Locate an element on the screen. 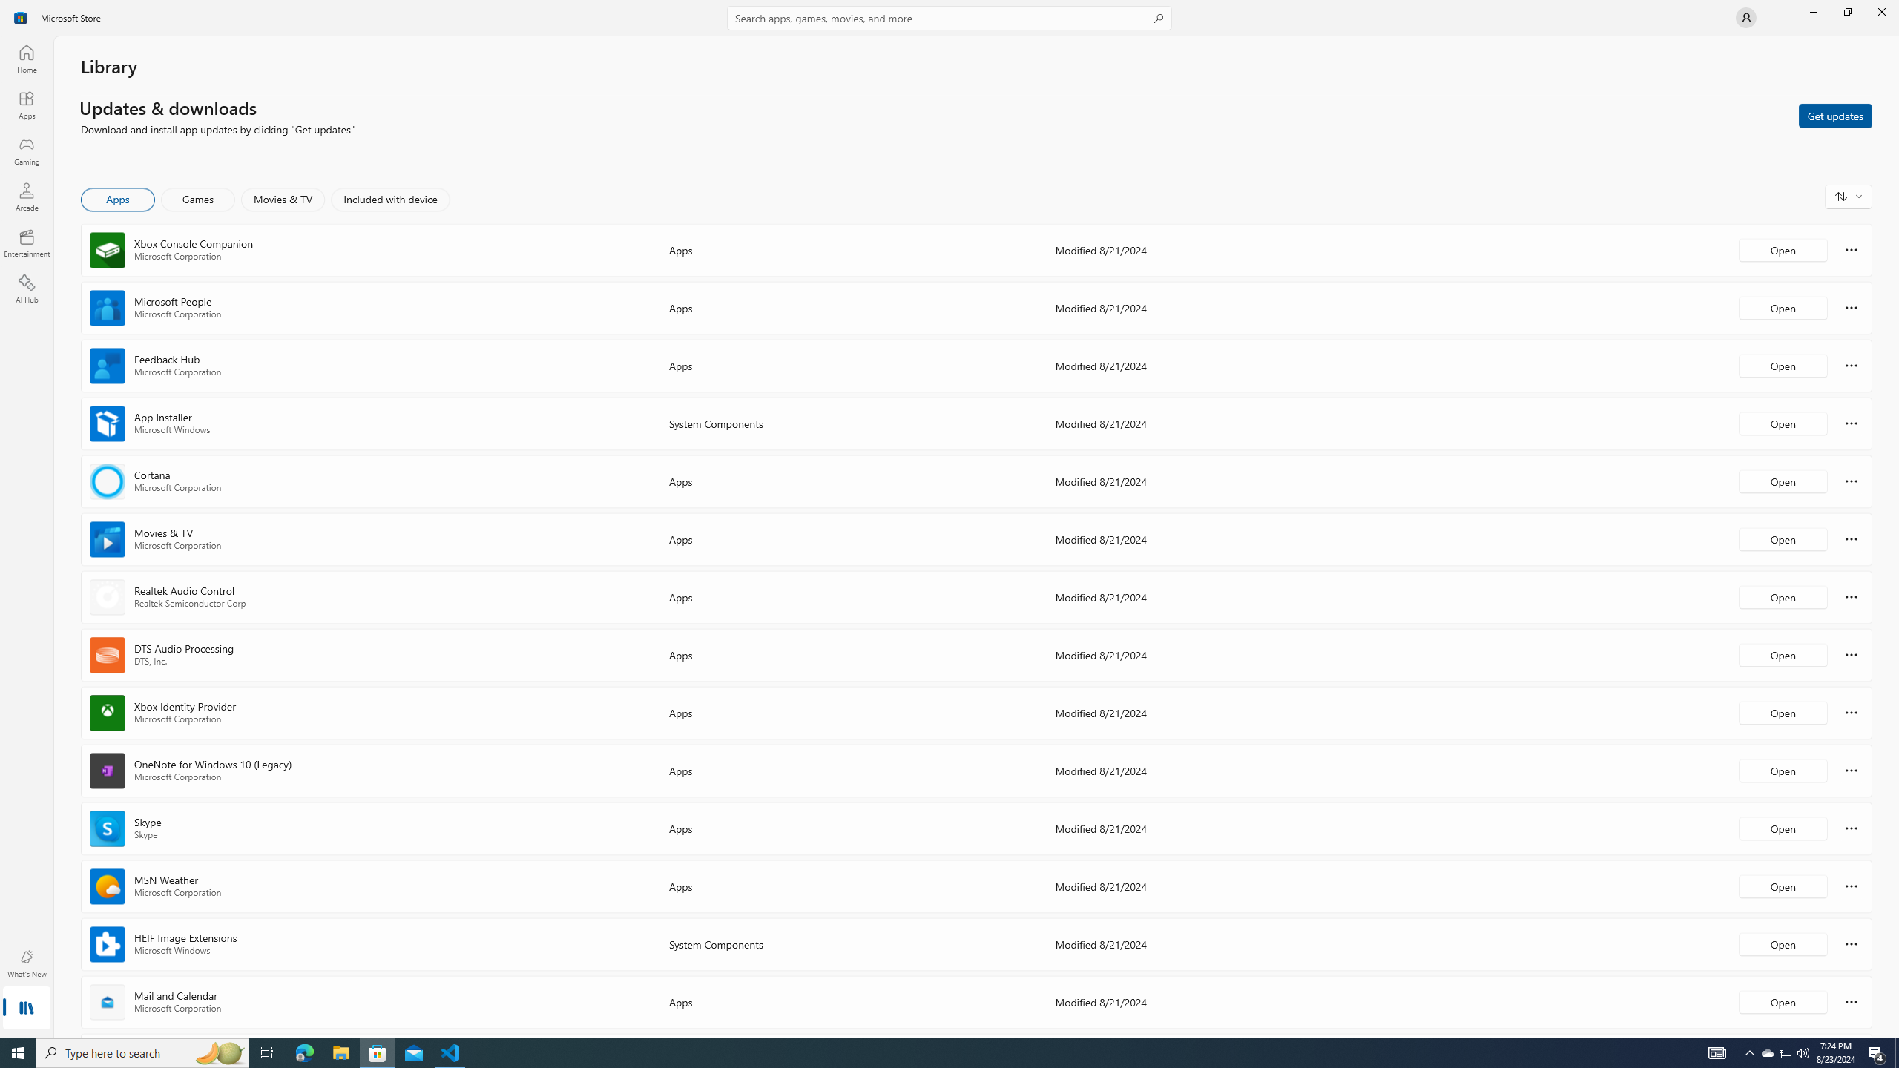 Image resolution: width=1899 pixels, height=1068 pixels. 'Restore Microsoft Store' is located at coordinates (1847, 11).